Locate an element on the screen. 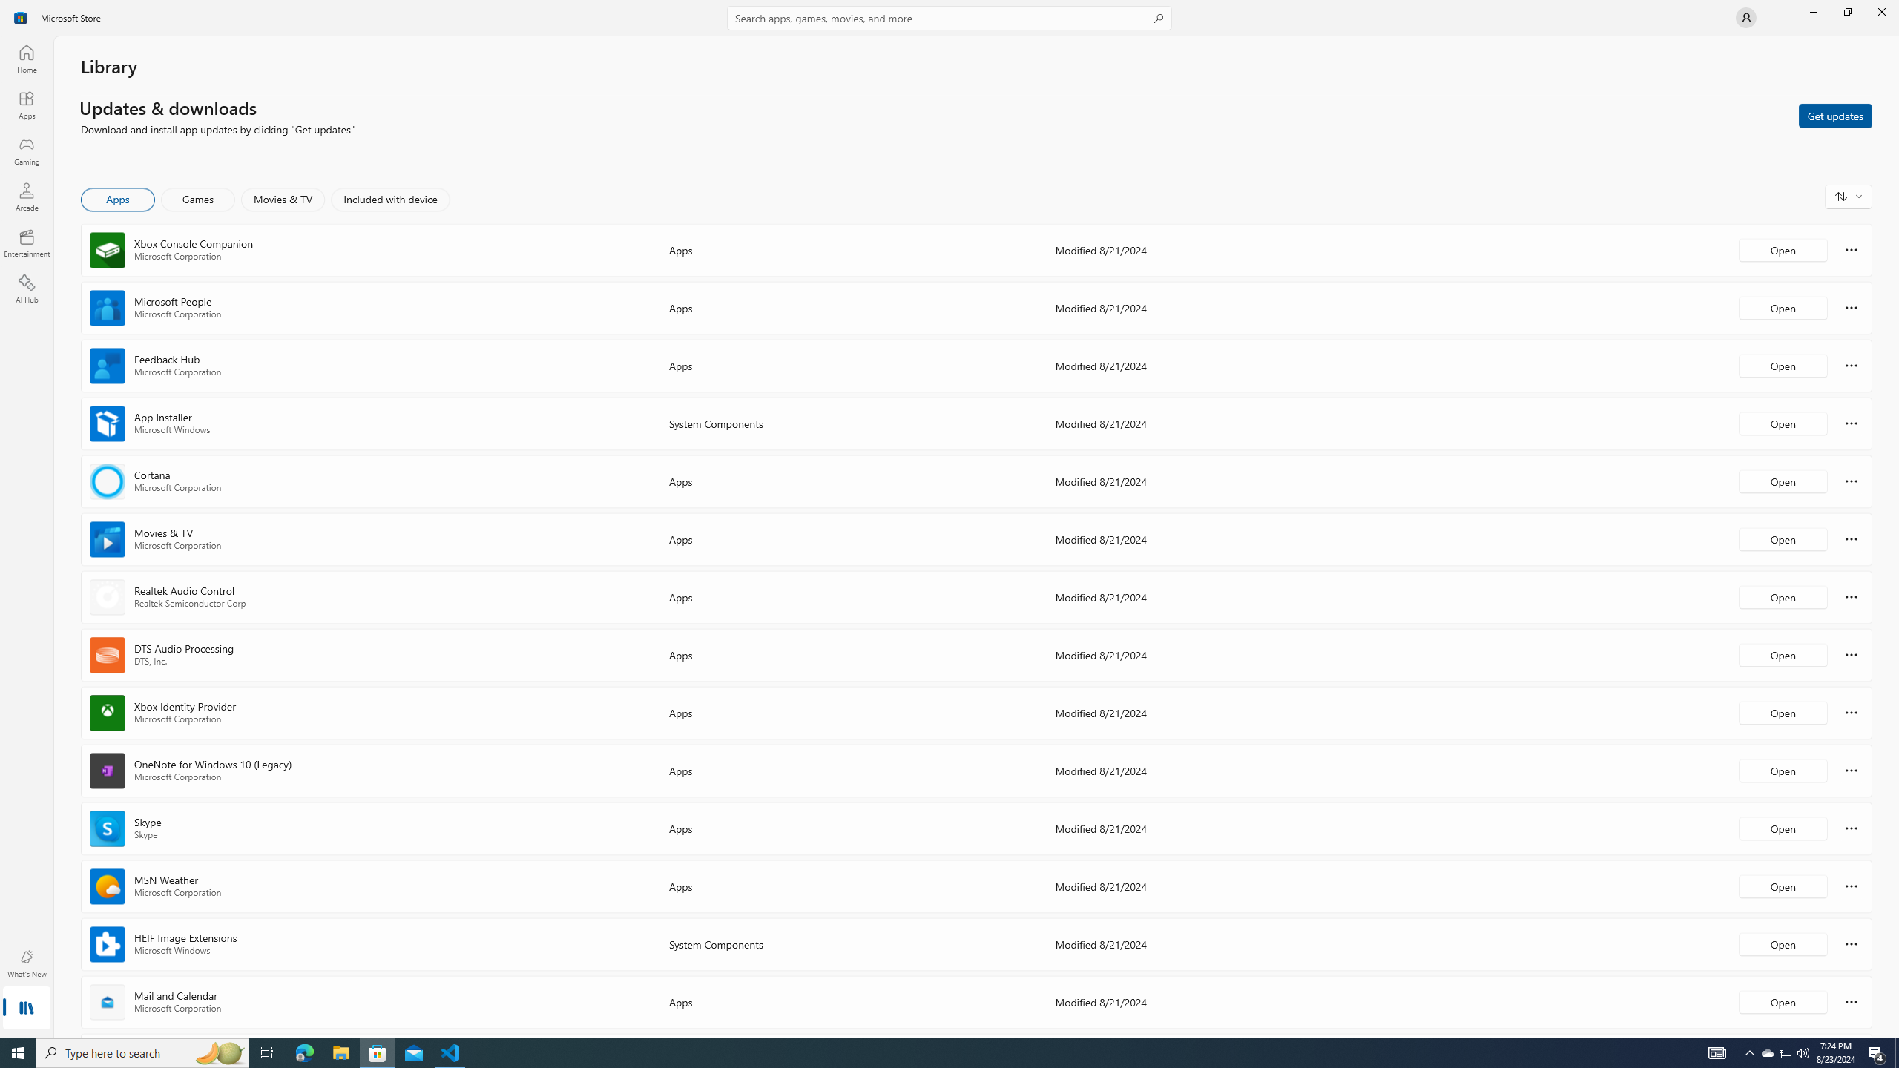 Image resolution: width=1899 pixels, height=1068 pixels. 'Restore Microsoft Store' is located at coordinates (1847, 11).